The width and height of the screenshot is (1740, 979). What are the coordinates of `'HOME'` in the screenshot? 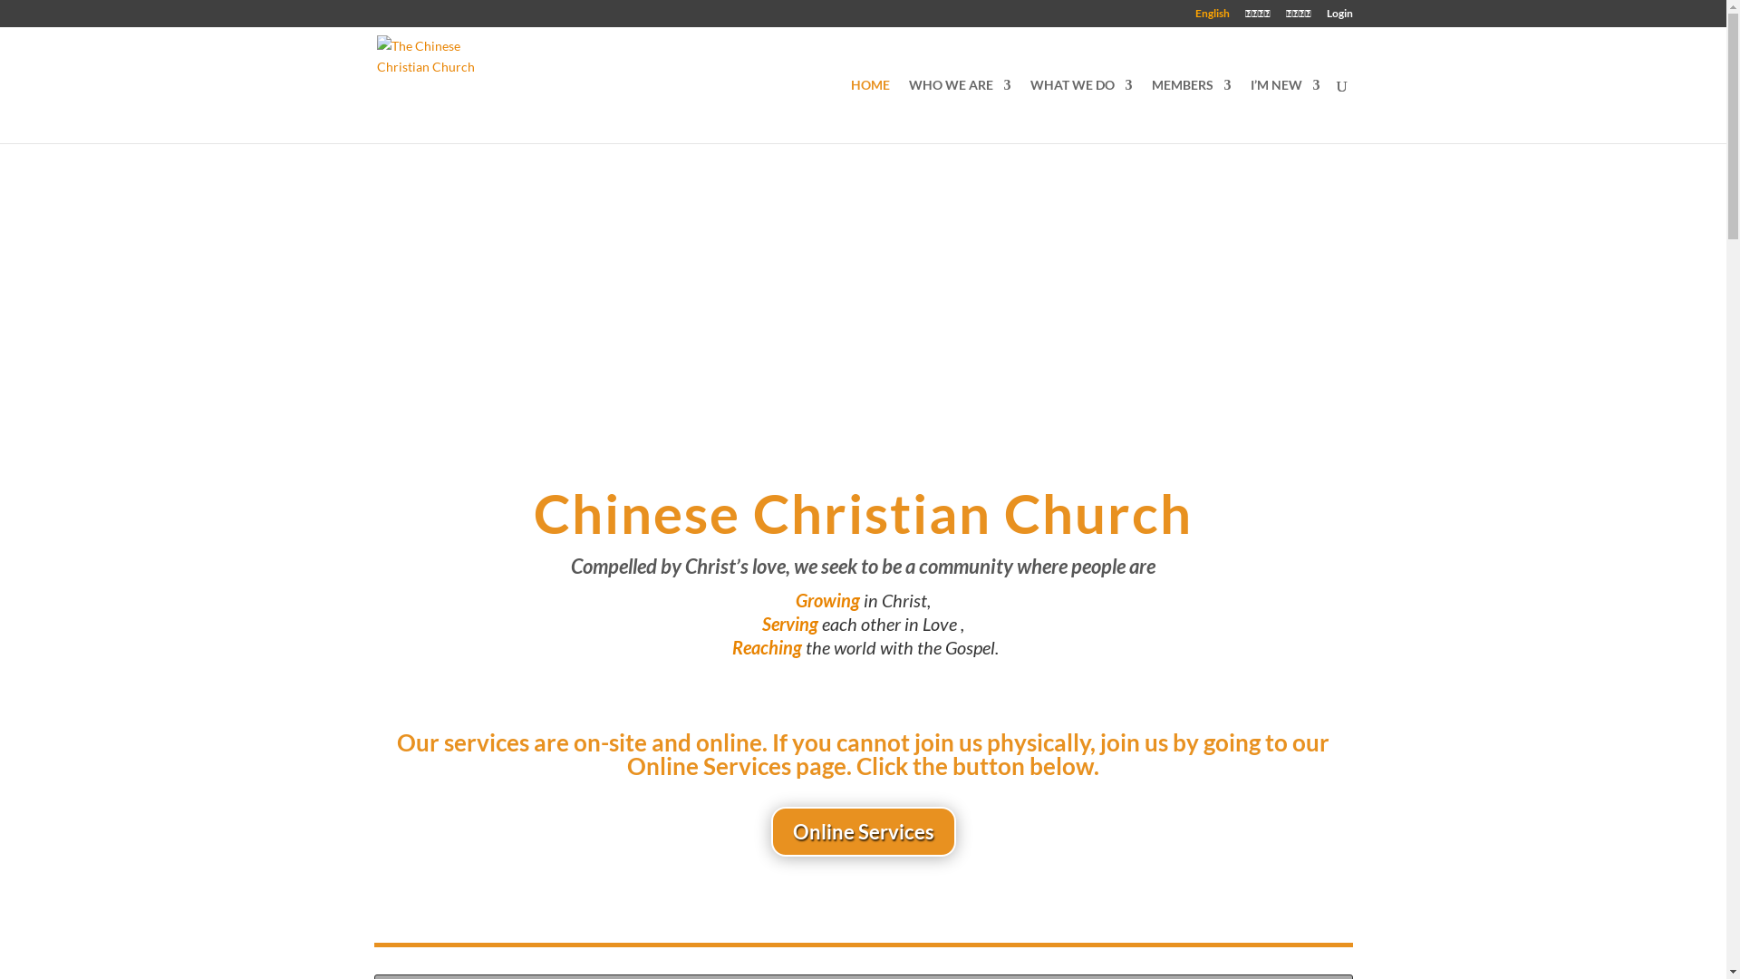 It's located at (868, 111).